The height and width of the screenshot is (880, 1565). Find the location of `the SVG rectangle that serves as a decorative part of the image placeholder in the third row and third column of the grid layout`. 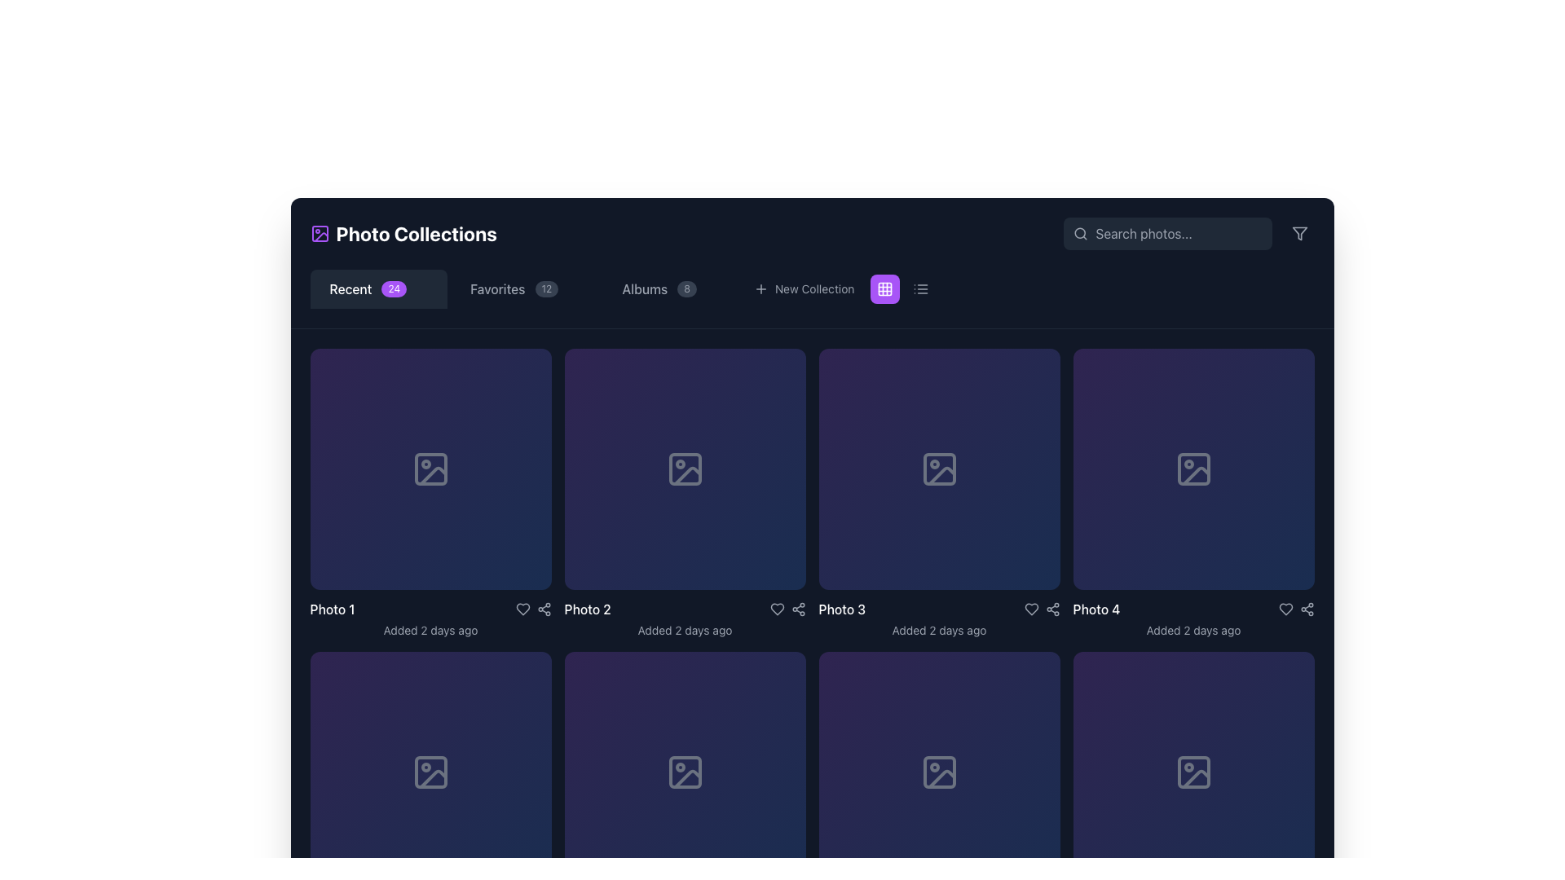

the SVG rectangle that serves as a decorative part of the image placeholder in the third row and third column of the grid layout is located at coordinates (685, 772).